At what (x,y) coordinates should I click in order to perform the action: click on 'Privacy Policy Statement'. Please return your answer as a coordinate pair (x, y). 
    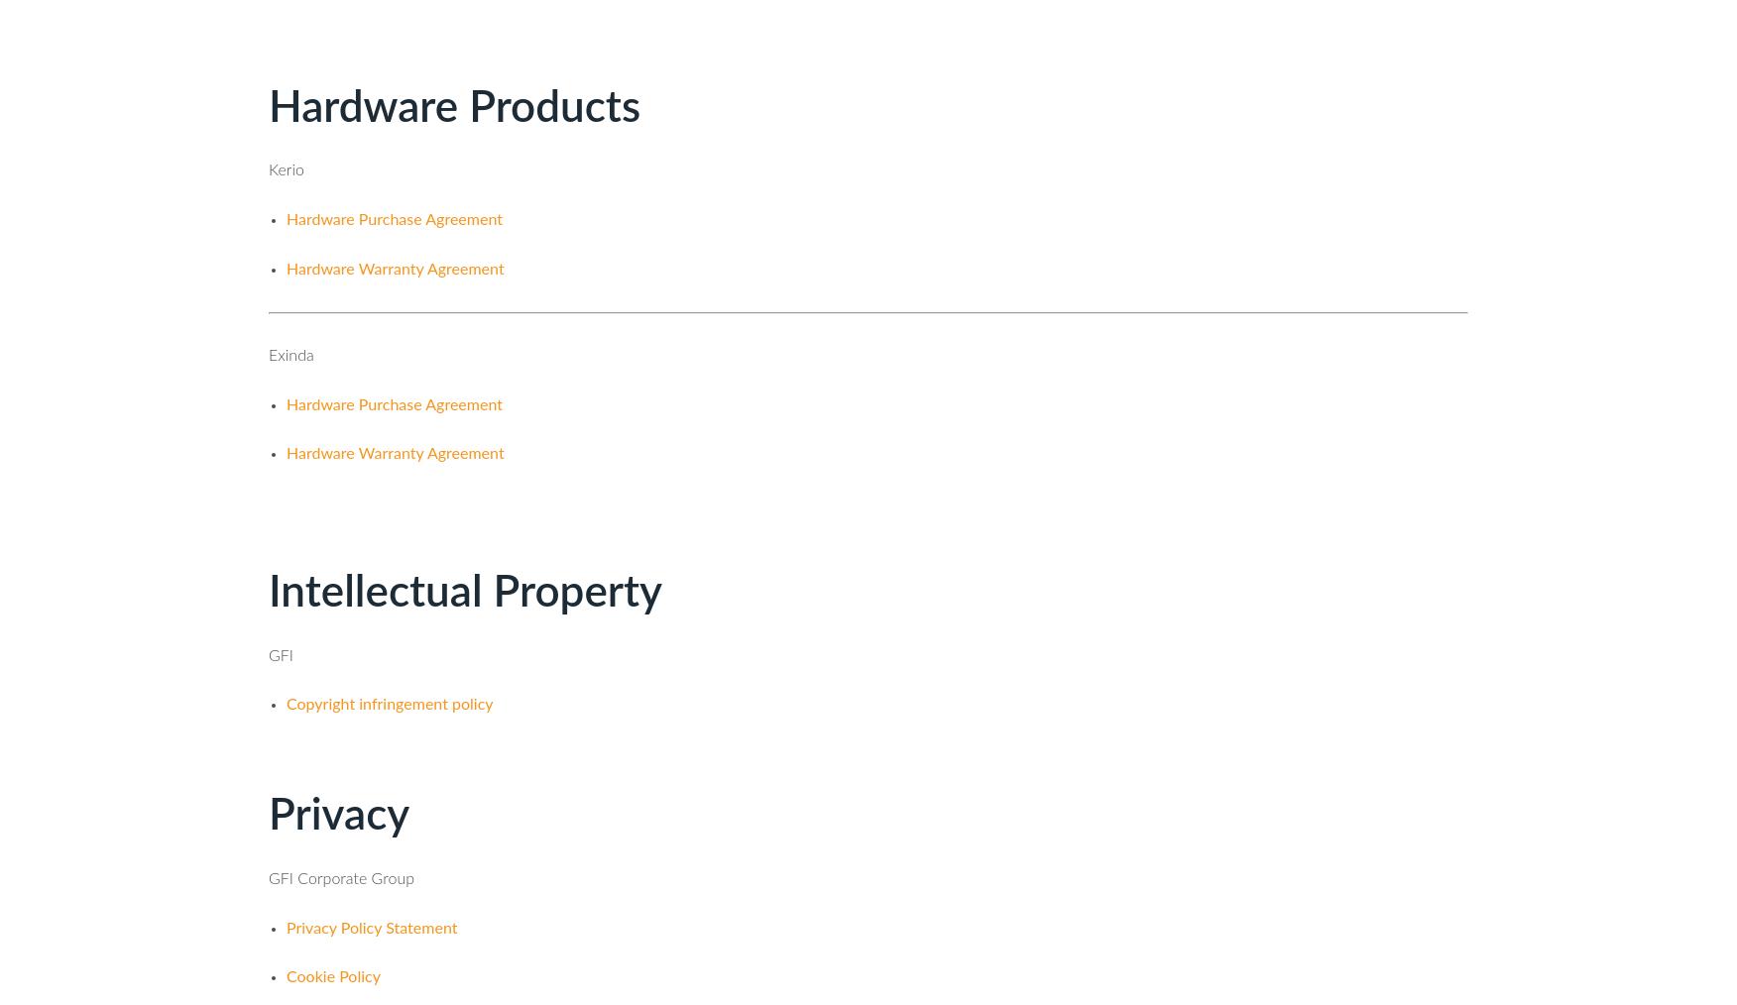
    Looking at the image, I should click on (370, 928).